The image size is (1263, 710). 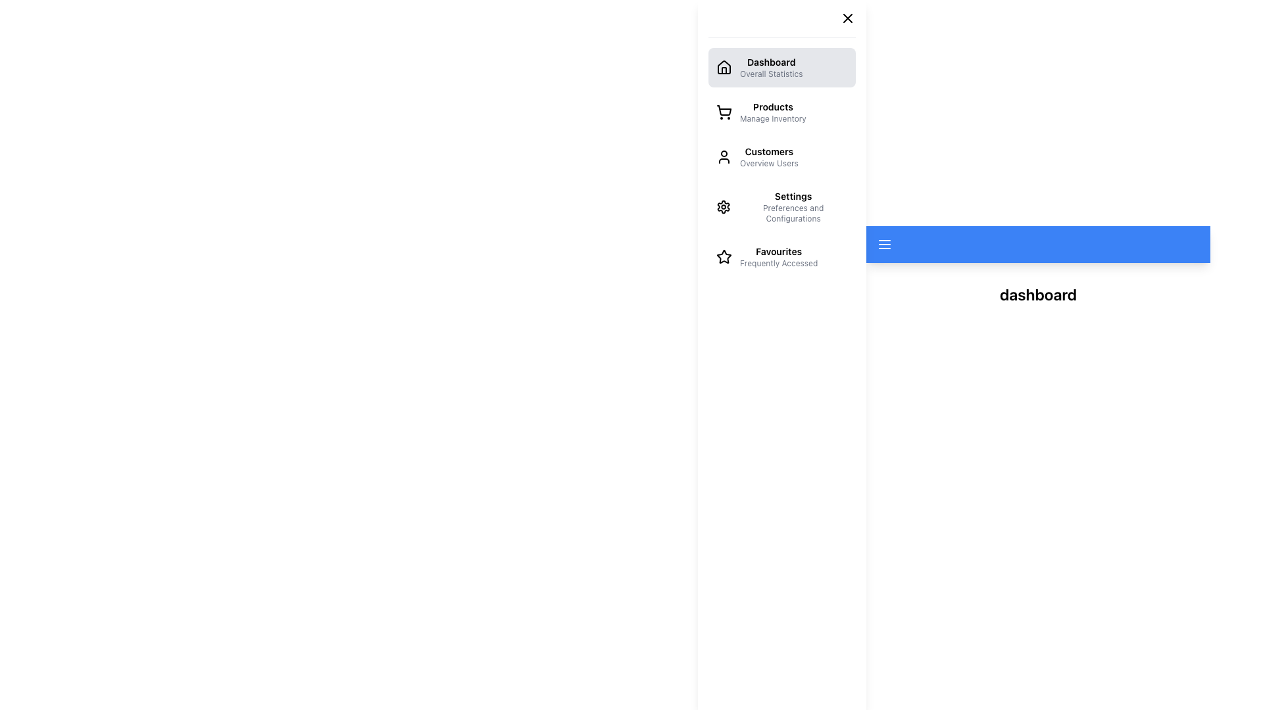 What do you see at coordinates (723, 156) in the screenshot?
I see `the 'Customers' icon in the sidebar menu, which is located directly before the text 'Customers Overview Users' and positioned between 'Products Manage Inventory' and 'Settings Preferences and Configurations'` at bounding box center [723, 156].